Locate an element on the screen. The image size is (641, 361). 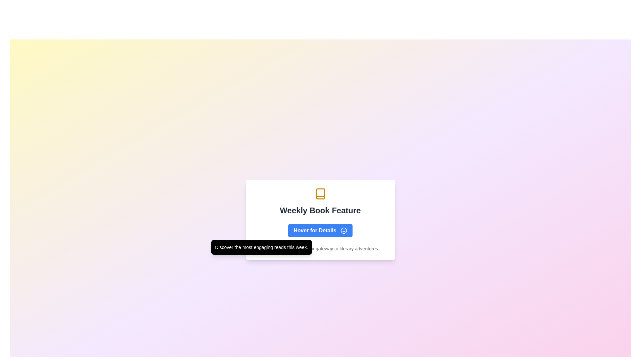
text content of the gray-colored small-sized Text Label that displays '© 2023 BookNook. Your gateway to literary adventures.' located at the bottom of the card-like component is located at coordinates (320, 249).